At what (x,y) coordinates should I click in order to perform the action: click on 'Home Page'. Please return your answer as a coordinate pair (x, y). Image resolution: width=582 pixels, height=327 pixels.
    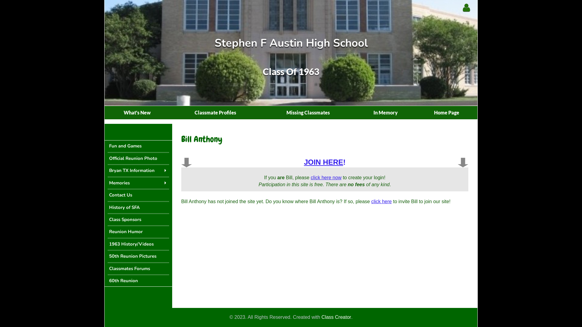
    Looking at the image, I should click on (447, 112).